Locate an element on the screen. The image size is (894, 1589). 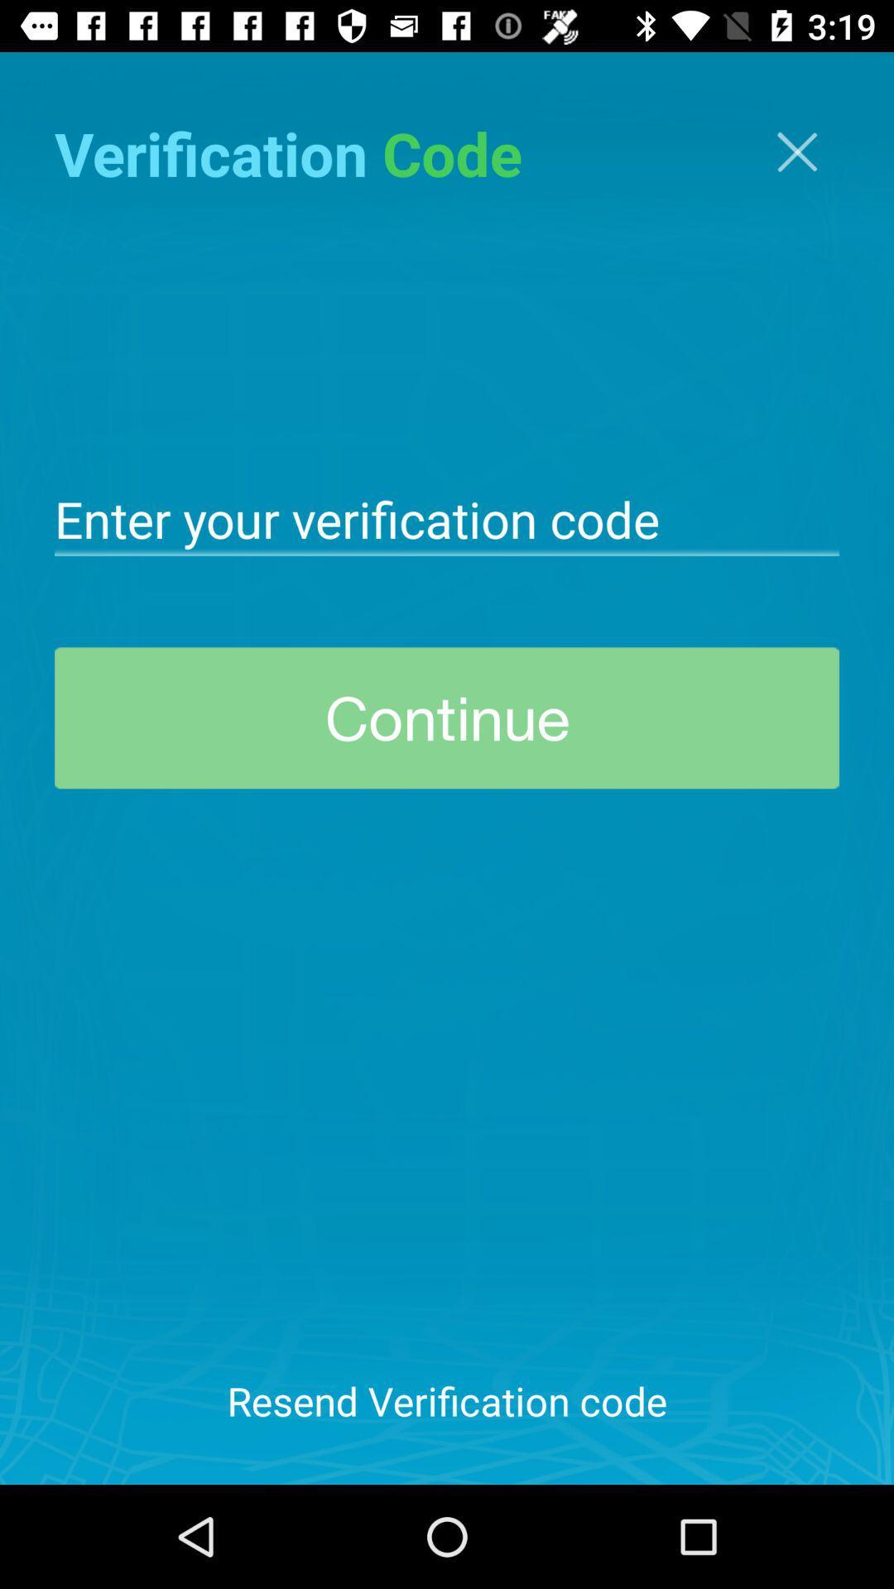
screen is located at coordinates (796, 151).